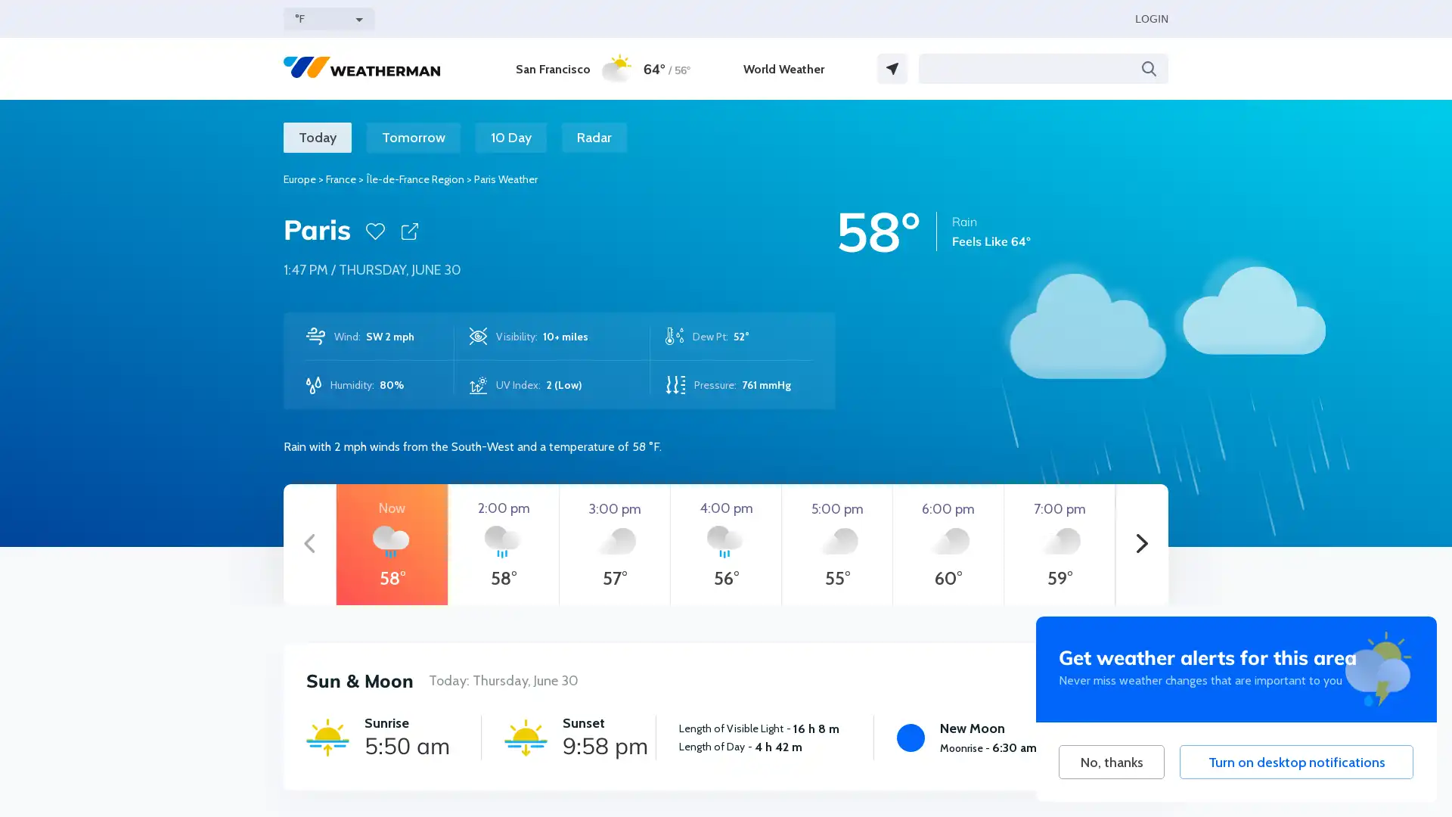  What do you see at coordinates (892, 69) in the screenshot?
I see `GPS Location` at bounding box center [892, 69].